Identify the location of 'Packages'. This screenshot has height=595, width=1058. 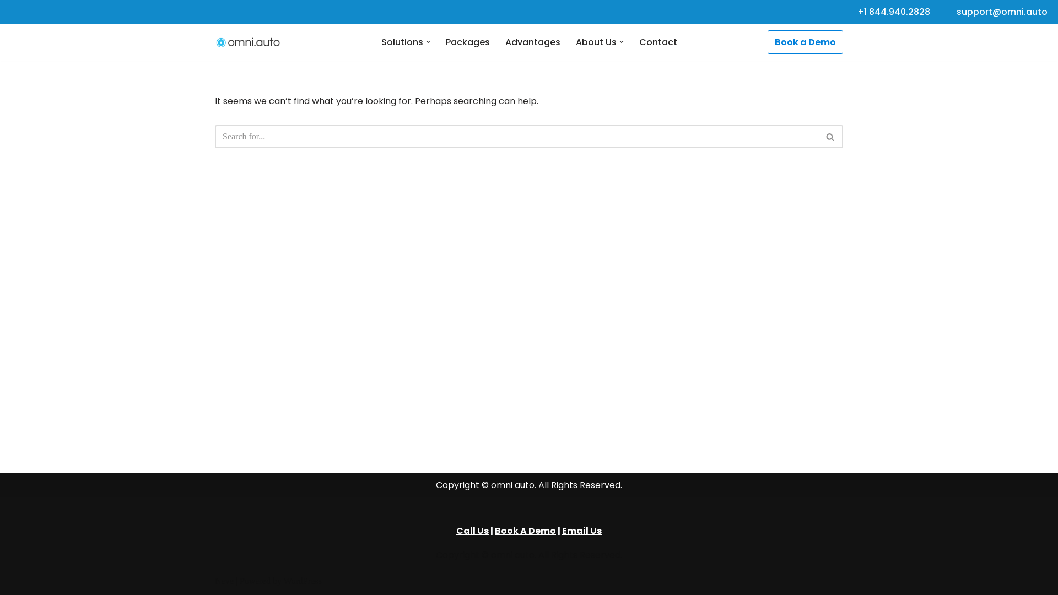
(467, 41).